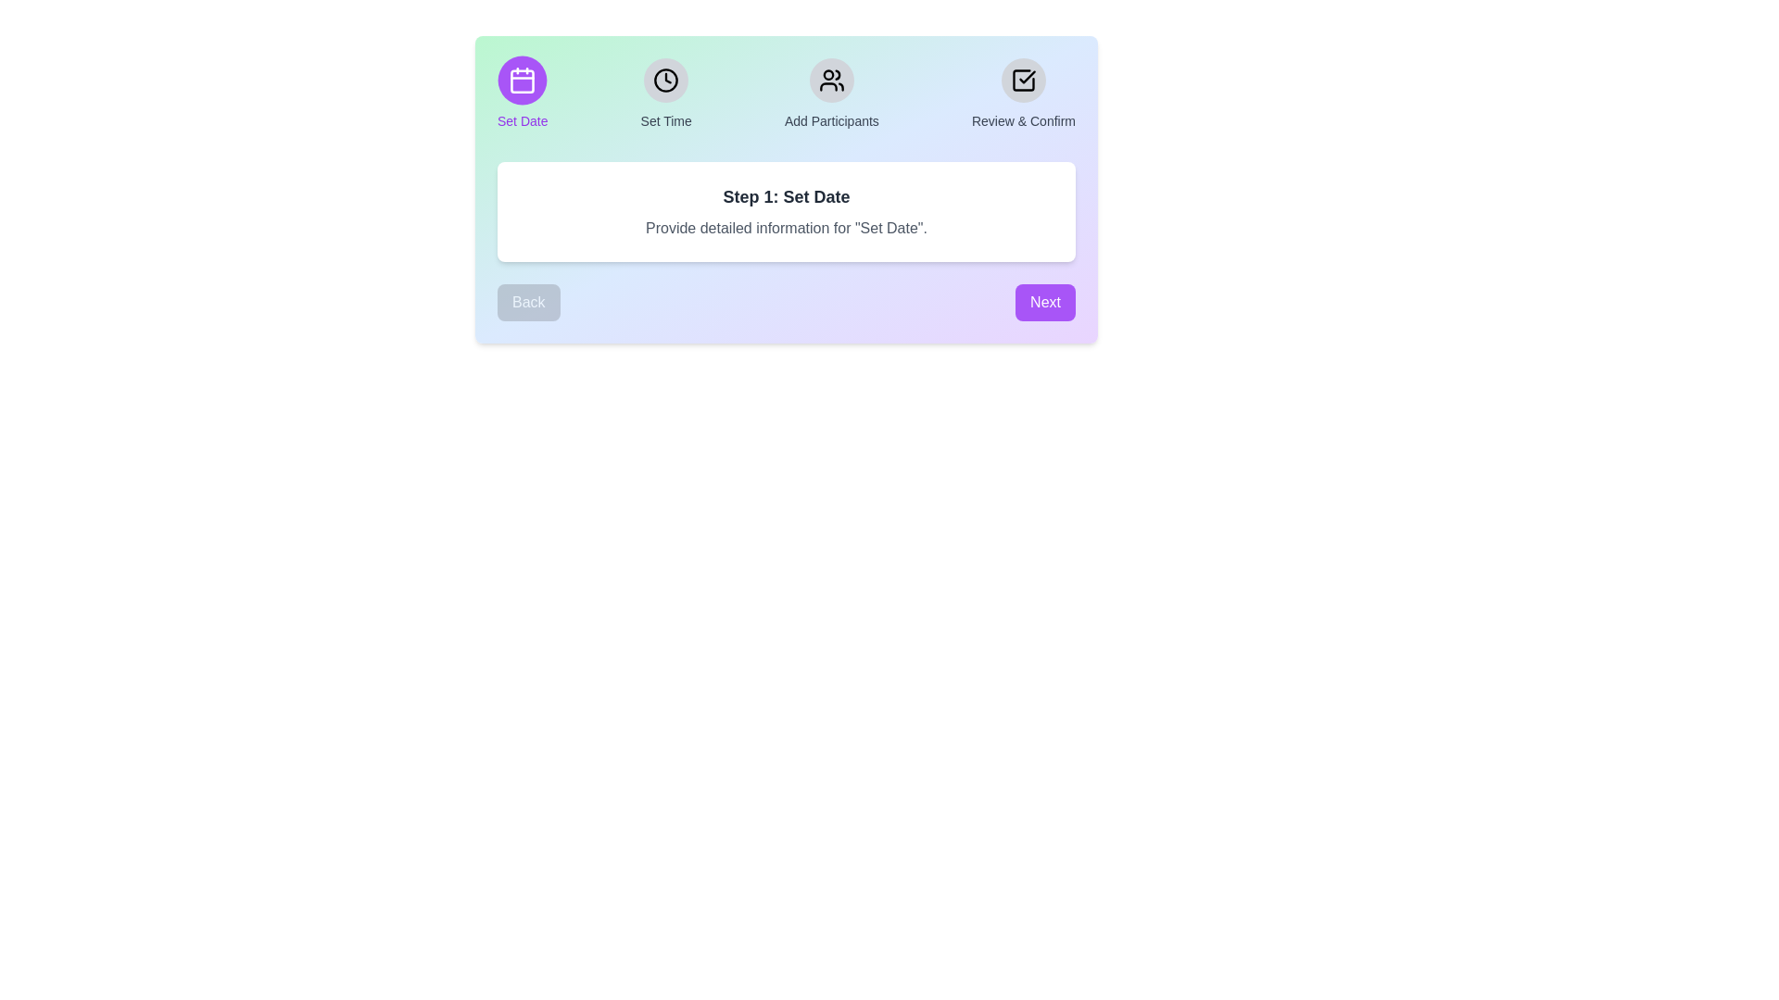 The width and height of the screenshot is (1779, 1000). I want to click on the icon corresponding to the step 'Set Date' to view its details, so click(522, 80).